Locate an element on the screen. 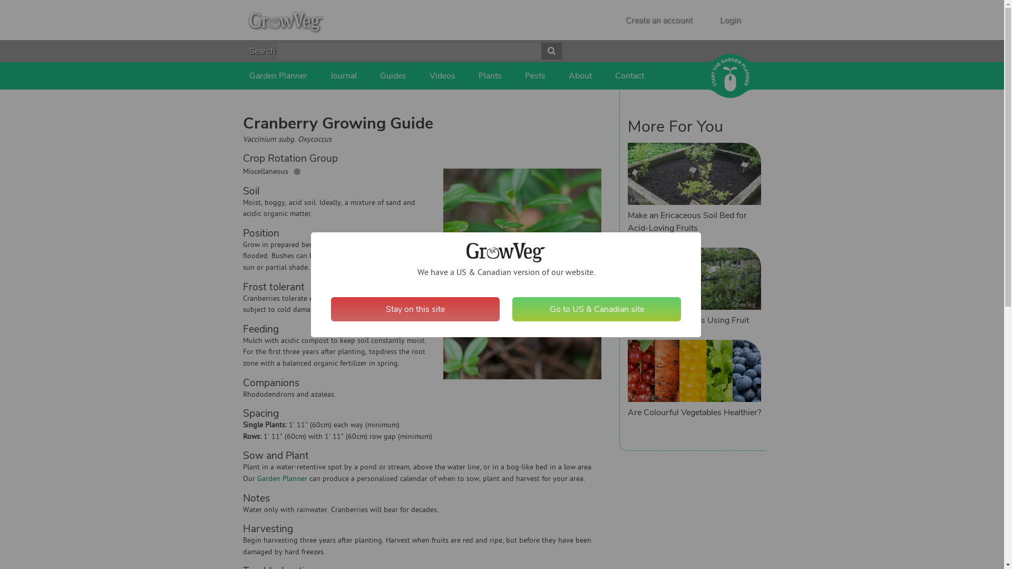 The height and width of the screenshot is (569, 1012). 'Videos' is located at coordinates (442, 75).